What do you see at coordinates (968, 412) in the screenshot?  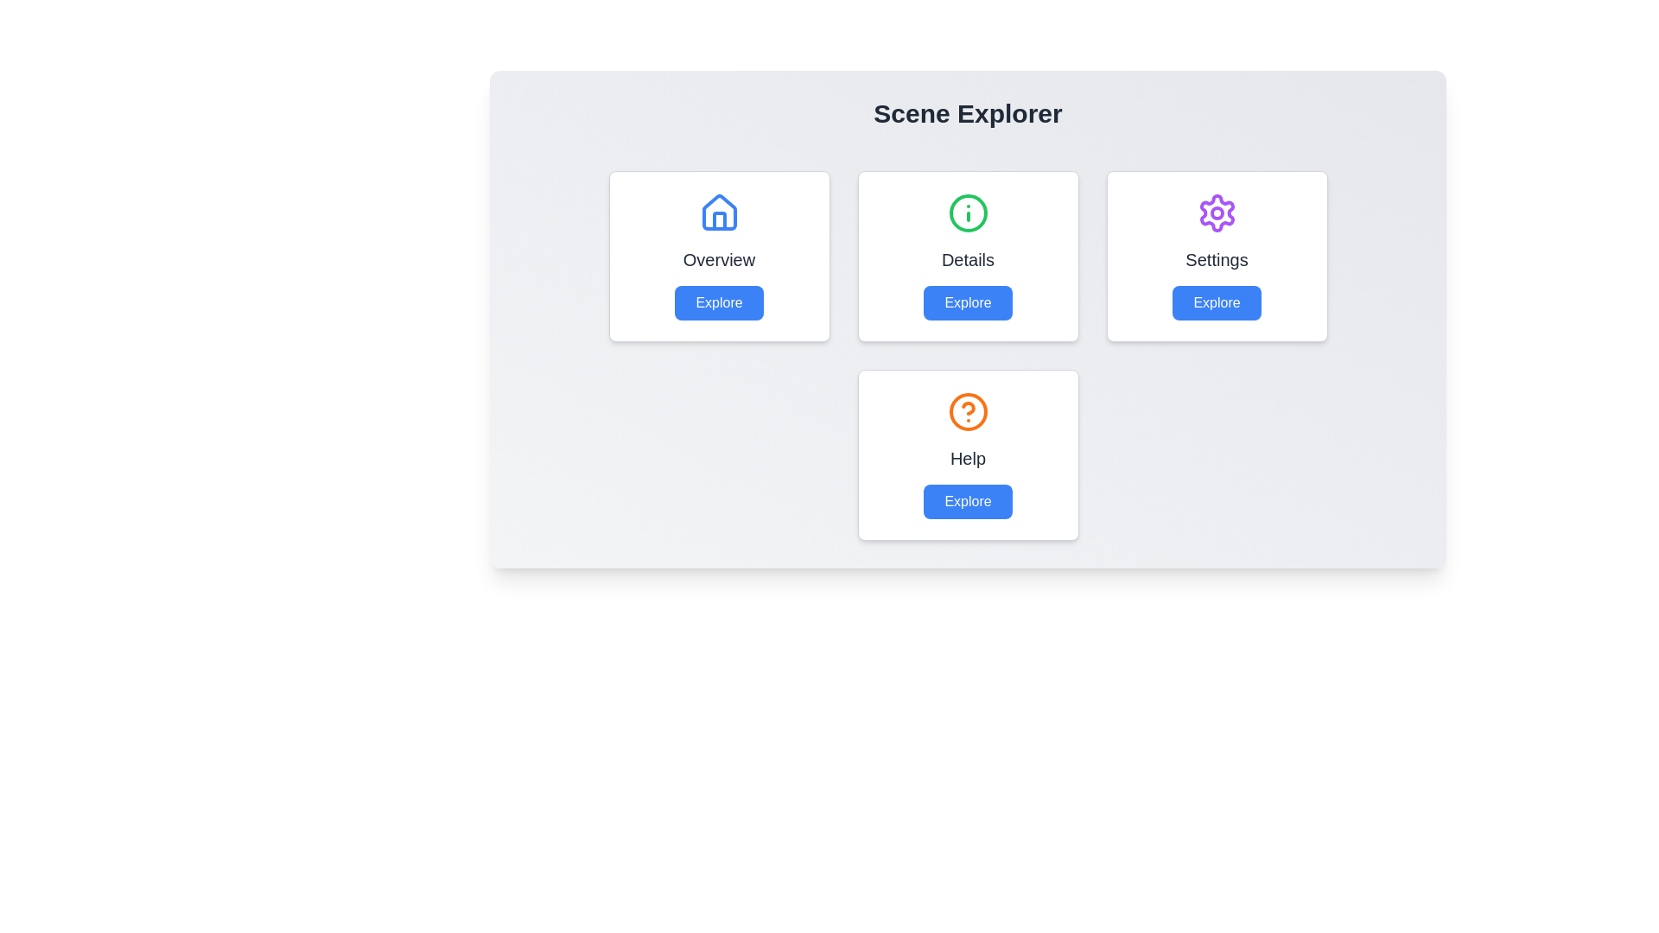 I see `the decorative SVG circle element within the 'Help' icon located at the center-top of the 'Help' card` at bounding box center [968, 412].